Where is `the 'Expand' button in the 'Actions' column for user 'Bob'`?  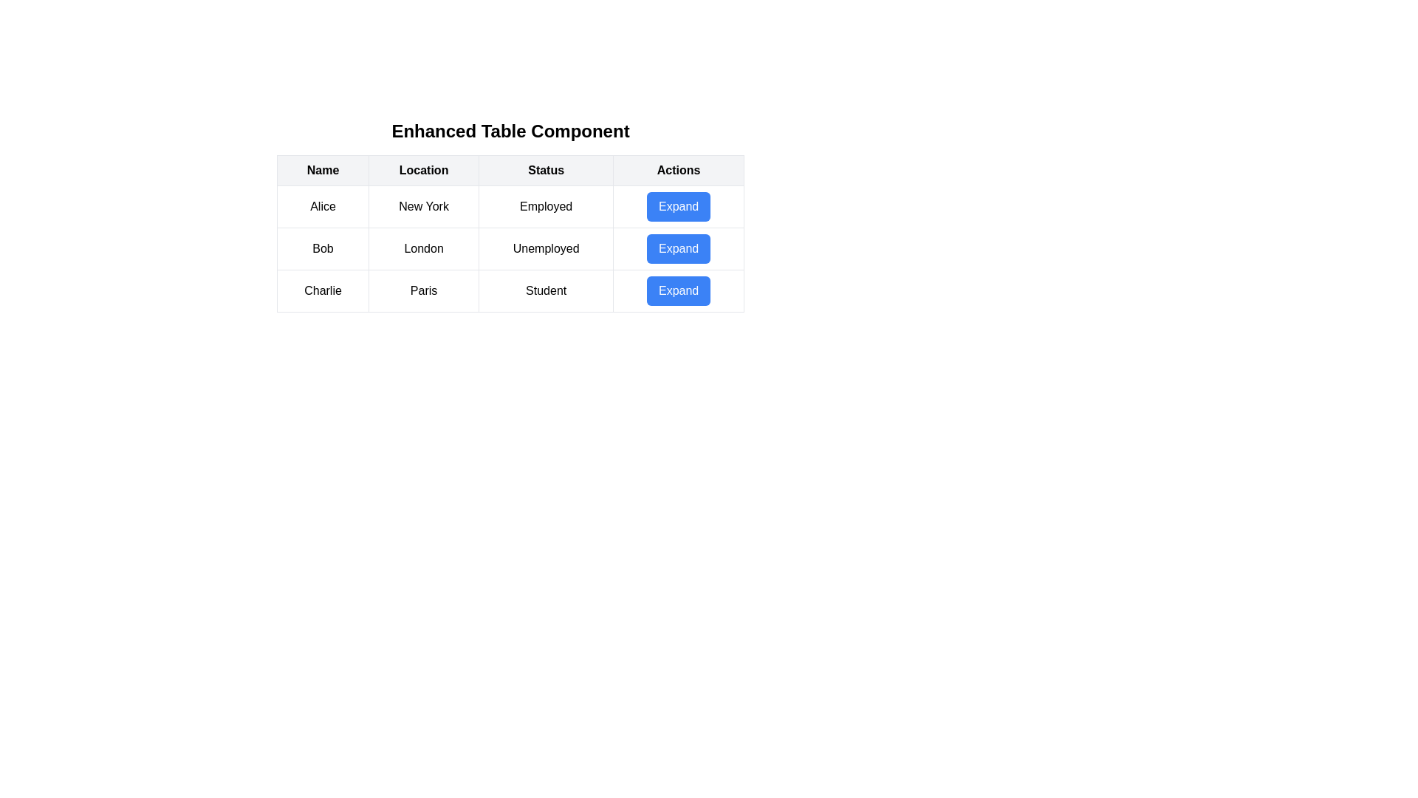 the 'Expand' button in the 'Actions' column for user 'Bob' is located at coordinates (678, 248).